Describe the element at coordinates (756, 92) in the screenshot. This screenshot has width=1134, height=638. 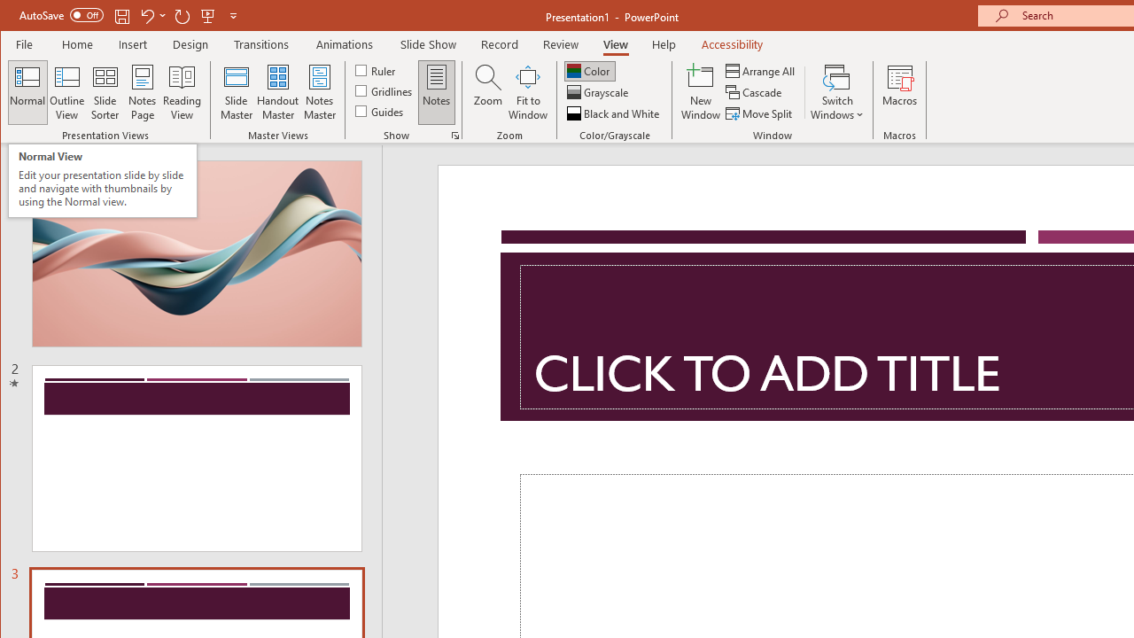
I see `'Cascade'` at that location.